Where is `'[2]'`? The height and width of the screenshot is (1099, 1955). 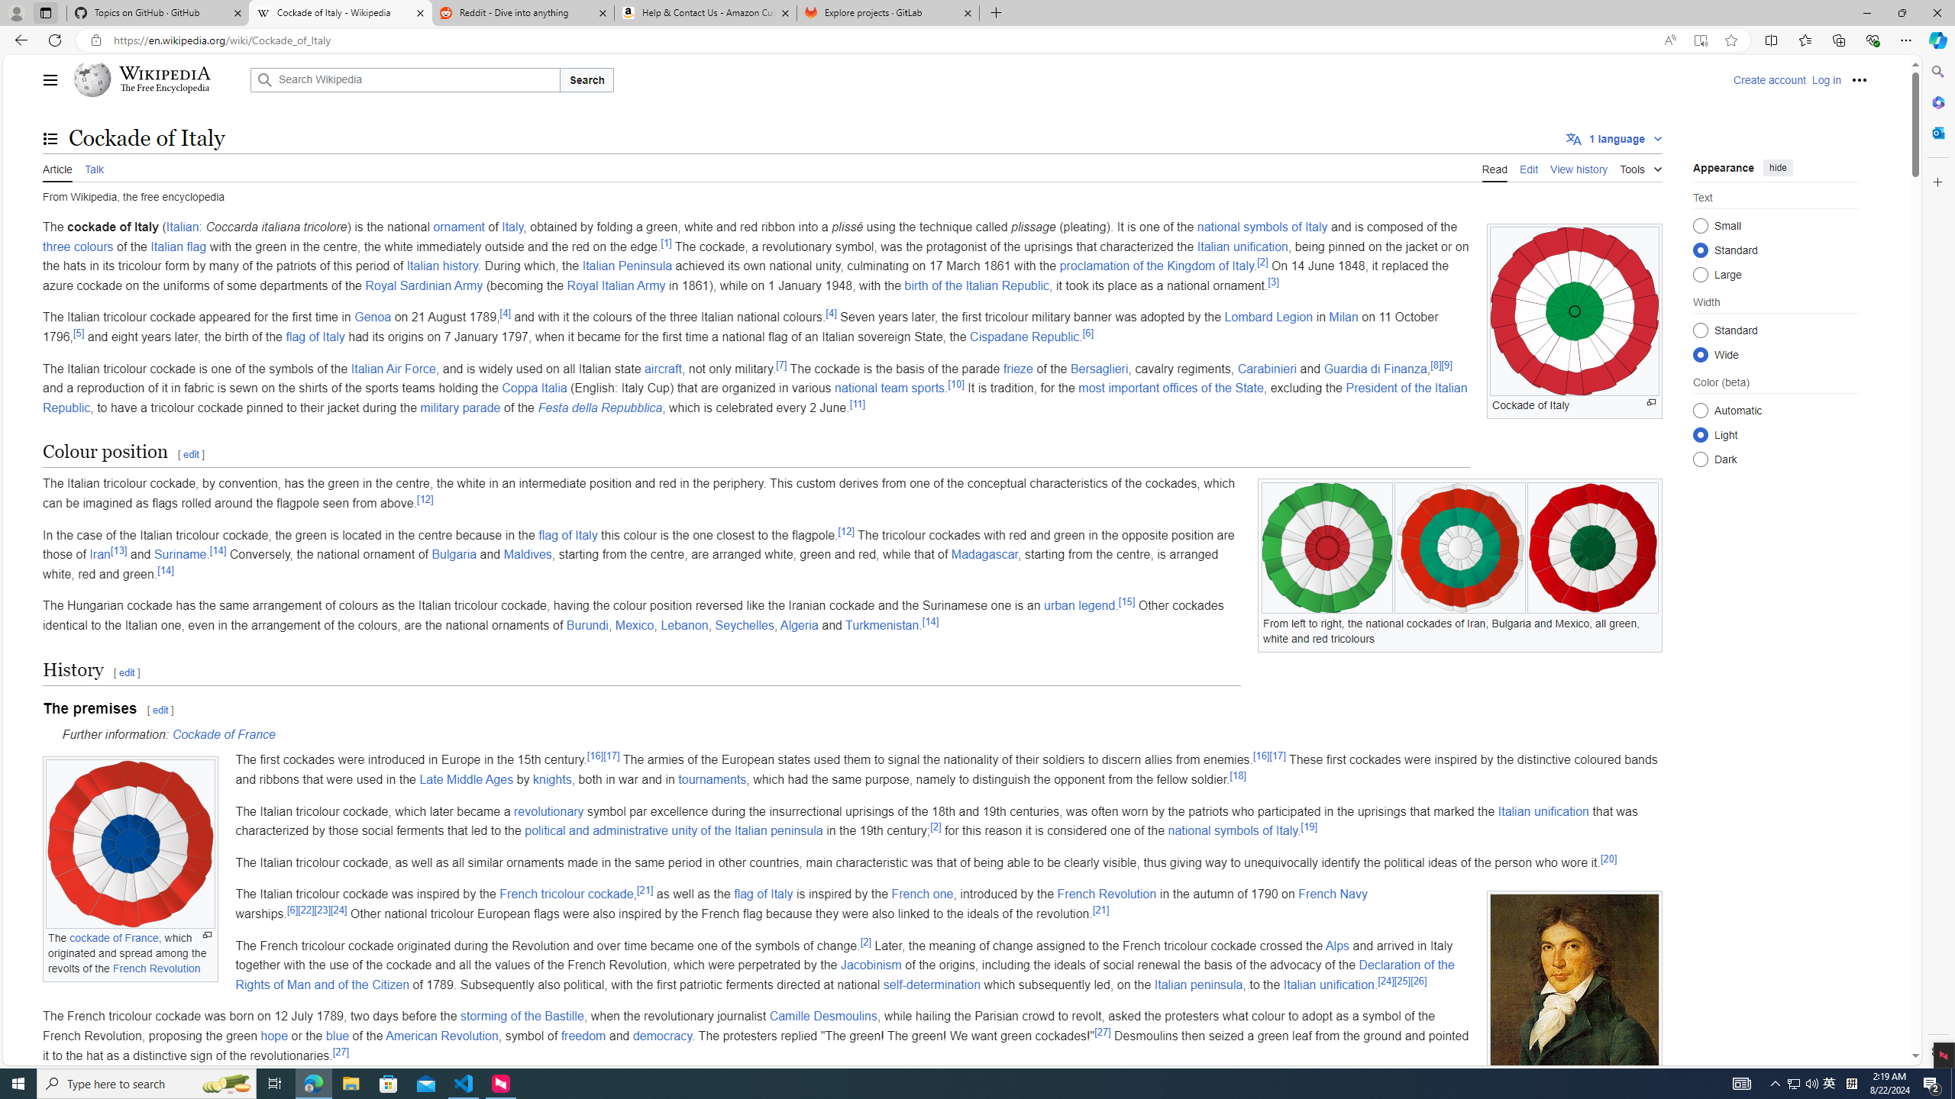
'[2]' is located at coordinates (865, 941).